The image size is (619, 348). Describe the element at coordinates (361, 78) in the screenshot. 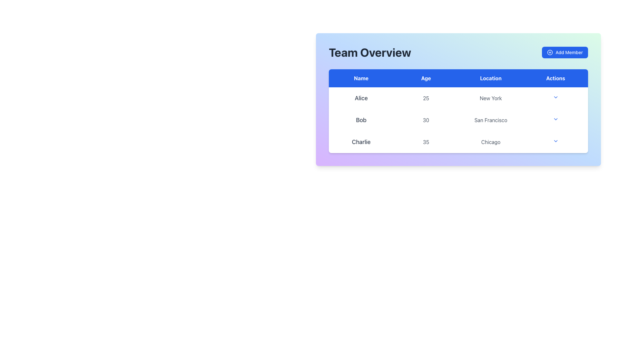

I see `the 'Name' header text label` at that location.